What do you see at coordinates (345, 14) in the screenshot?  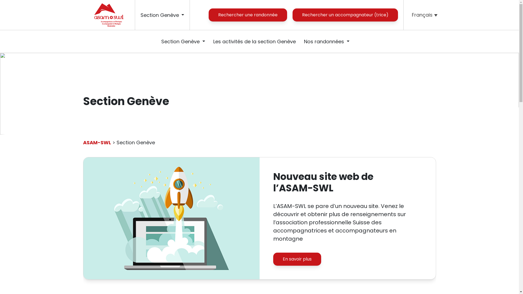 I see `'Rechercher un accompagnateur (trice)'` at bounding box center [345, 14].